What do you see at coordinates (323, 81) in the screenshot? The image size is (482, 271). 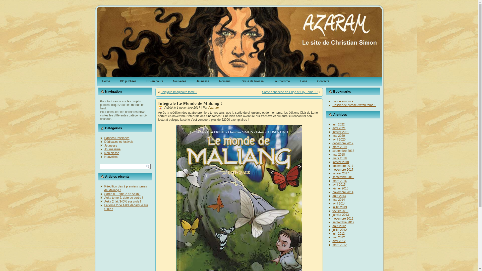 I see `'Contacts'` at bounding box center [323, 81].